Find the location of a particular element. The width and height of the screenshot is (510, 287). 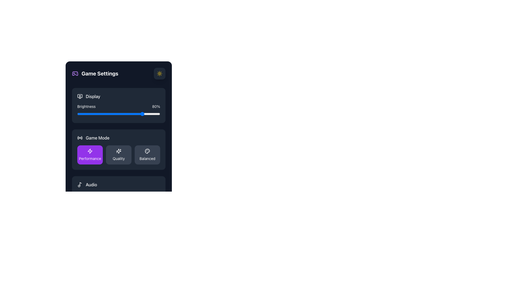

the 'Balanced' text label in the 'Game Mode' section, which is located below the palette icon and to the right of the 'Performance' and 'Quality' labels is located at coordinates (147, 158).